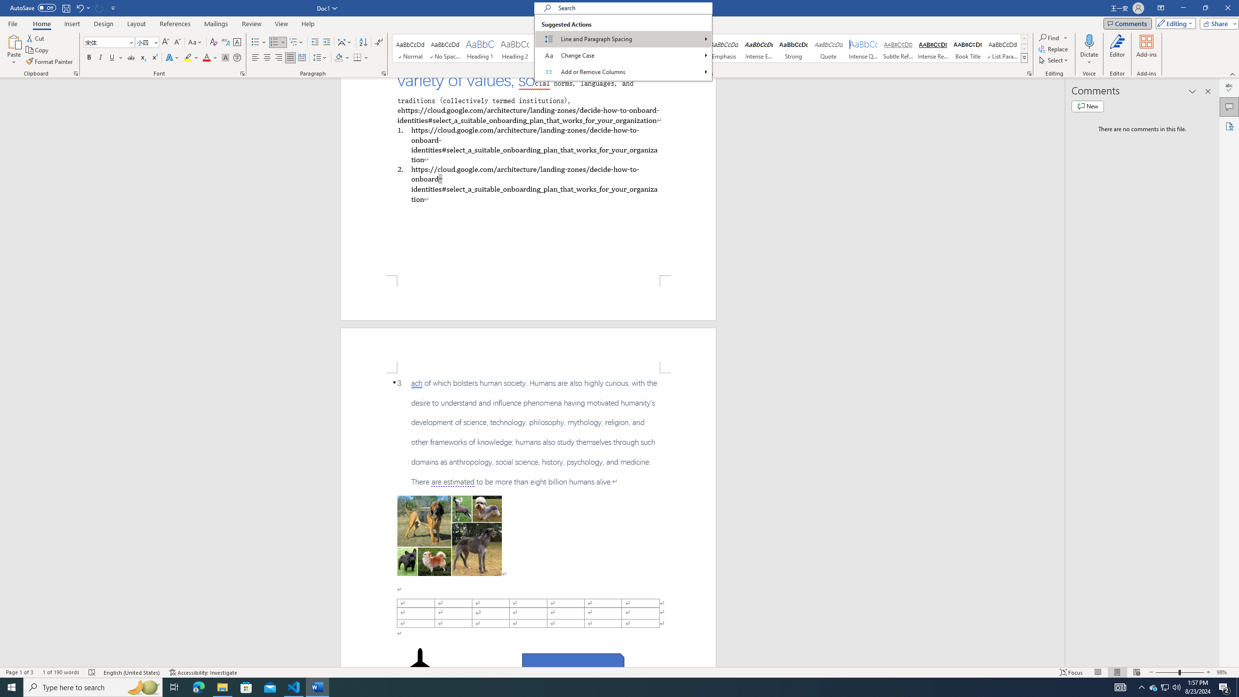 The image size is (1239, 697). What do you see at coordinates (528, 176) in the screenshot?
I see `'Page 1 content'` at bounding box center [528, 176].